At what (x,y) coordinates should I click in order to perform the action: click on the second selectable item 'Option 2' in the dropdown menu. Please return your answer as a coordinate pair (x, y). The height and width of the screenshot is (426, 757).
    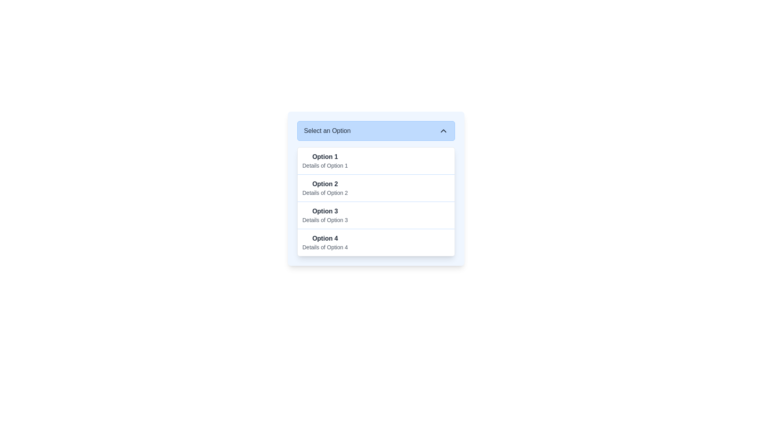
    Looking at the image, I should click on (376, 189).